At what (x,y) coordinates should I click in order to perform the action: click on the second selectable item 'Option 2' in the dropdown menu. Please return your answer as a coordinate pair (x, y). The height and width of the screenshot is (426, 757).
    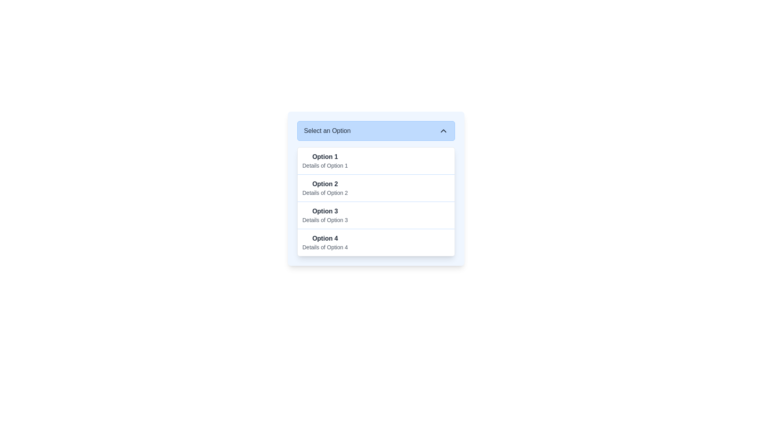
    Looking at the image, I should click on (376, 189).